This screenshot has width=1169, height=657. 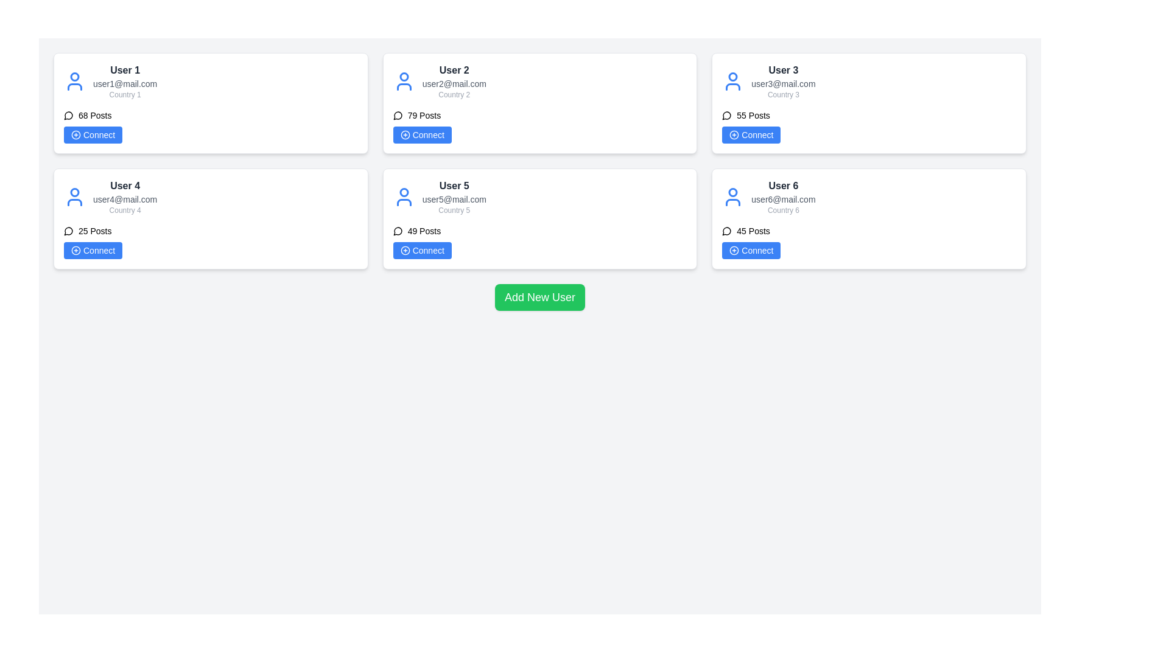 What do you see at coordinates (454, 70) in the screenshot?
I see `the label text that serves as a visual heading for the user, located in the top row of the grid layout, second column` at bounding box center [454, 70].